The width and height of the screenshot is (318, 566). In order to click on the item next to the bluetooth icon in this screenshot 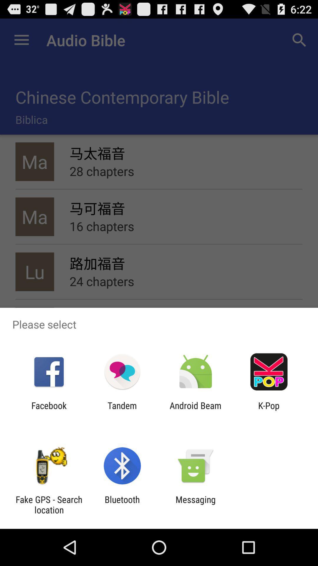, I will do `click(196, 504)`.